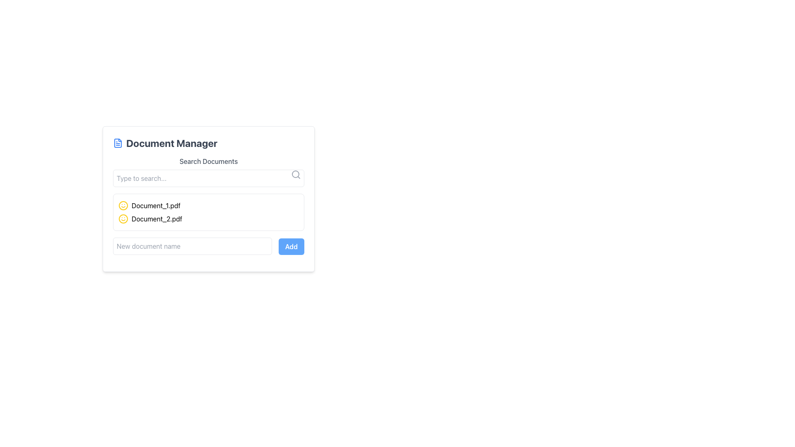 The image size is (795, 447). I want to click on the icon representing the document entry titled 'Document_1.pdf', which is located at the top-left of the entry in the list, so click(123, 205).